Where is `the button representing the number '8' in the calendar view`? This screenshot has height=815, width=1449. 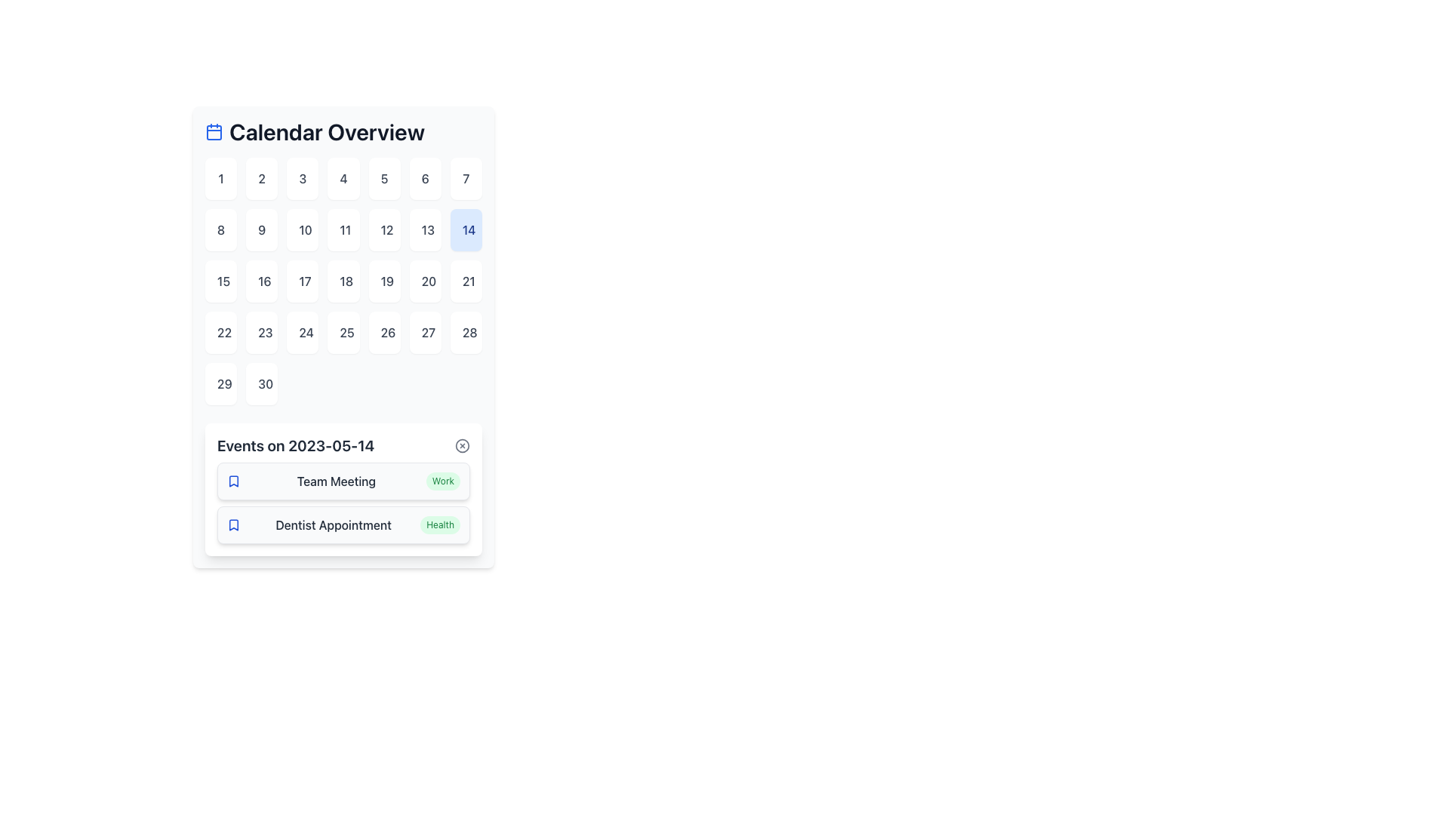
the button representing the number '8' in the calendar view is located at coordinates (220, 229).